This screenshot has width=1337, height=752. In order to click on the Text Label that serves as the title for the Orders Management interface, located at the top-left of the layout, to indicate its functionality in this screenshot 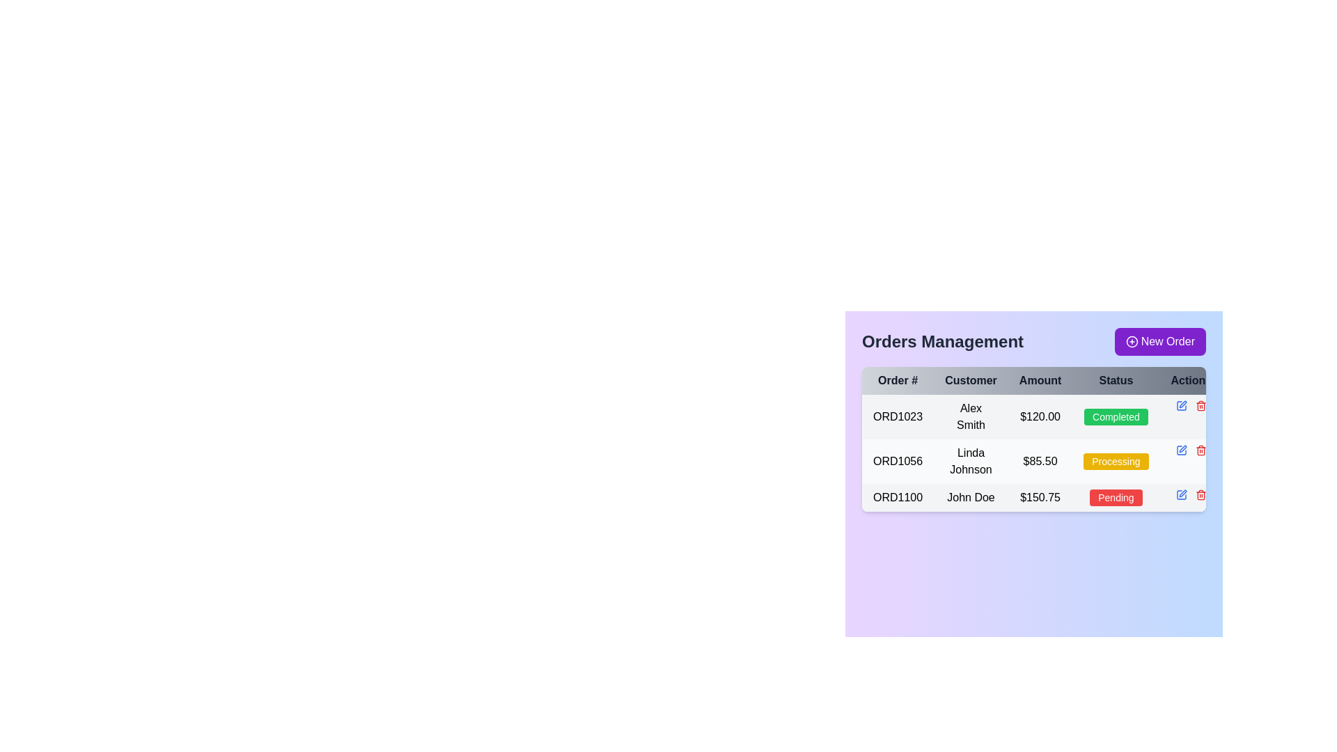, I will do `click(942, 341)`.